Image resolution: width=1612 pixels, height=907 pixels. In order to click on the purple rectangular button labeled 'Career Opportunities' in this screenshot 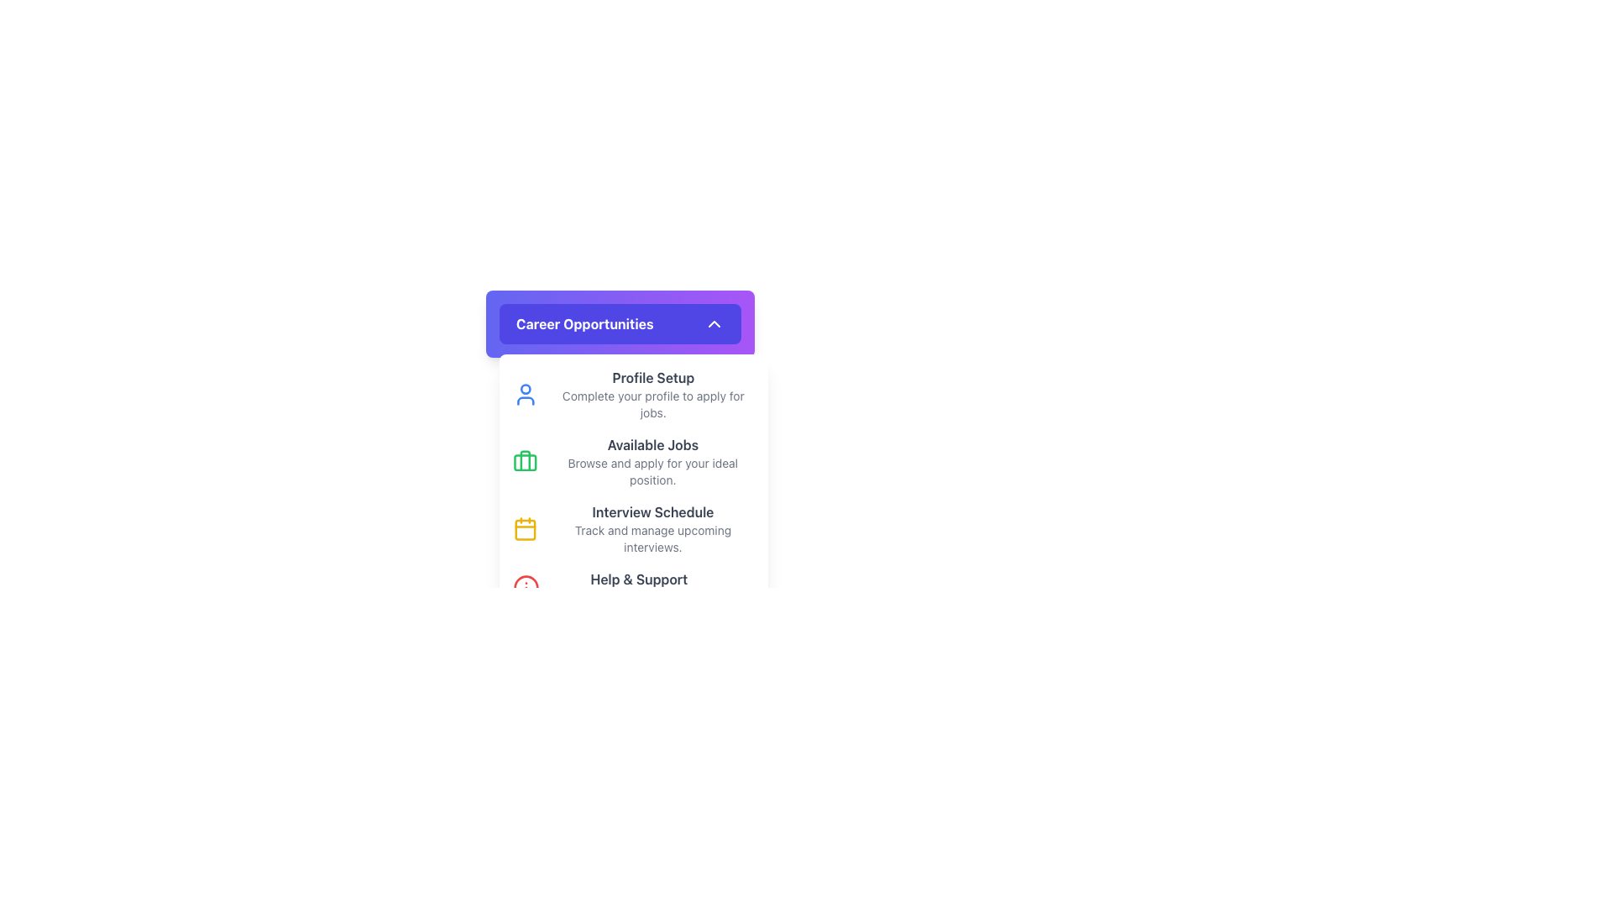, I will do `click(620, 323)`.